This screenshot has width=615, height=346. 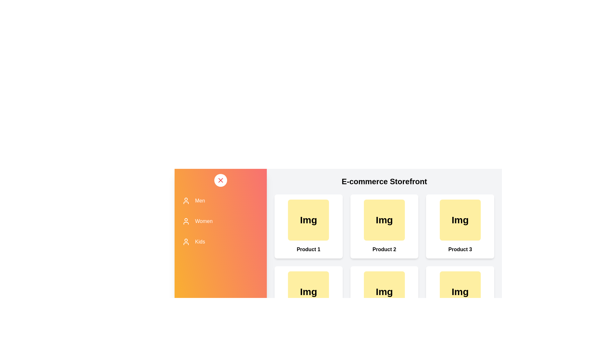 I want to click on the category Men from the list, so click(x=221, y=201).